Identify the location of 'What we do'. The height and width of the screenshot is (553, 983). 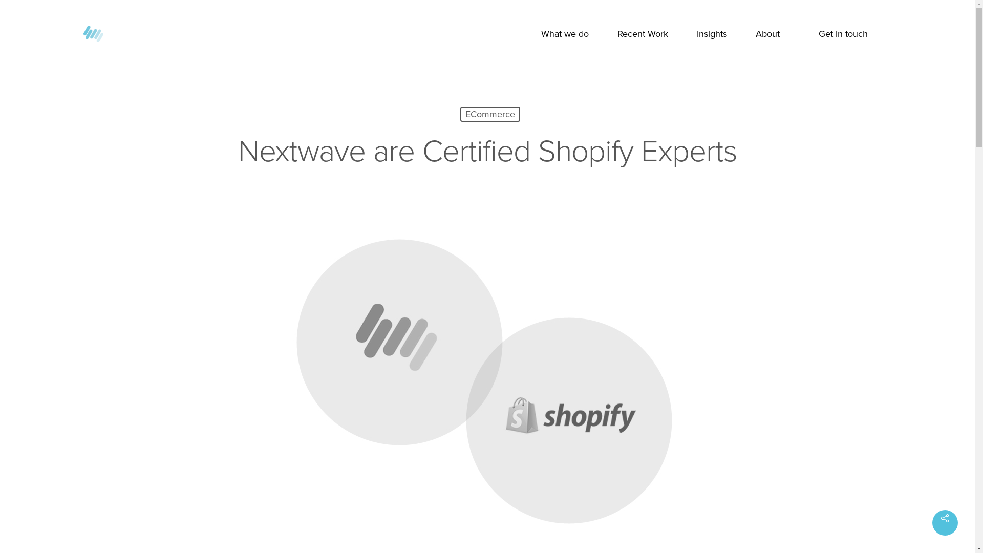
(564, 33).